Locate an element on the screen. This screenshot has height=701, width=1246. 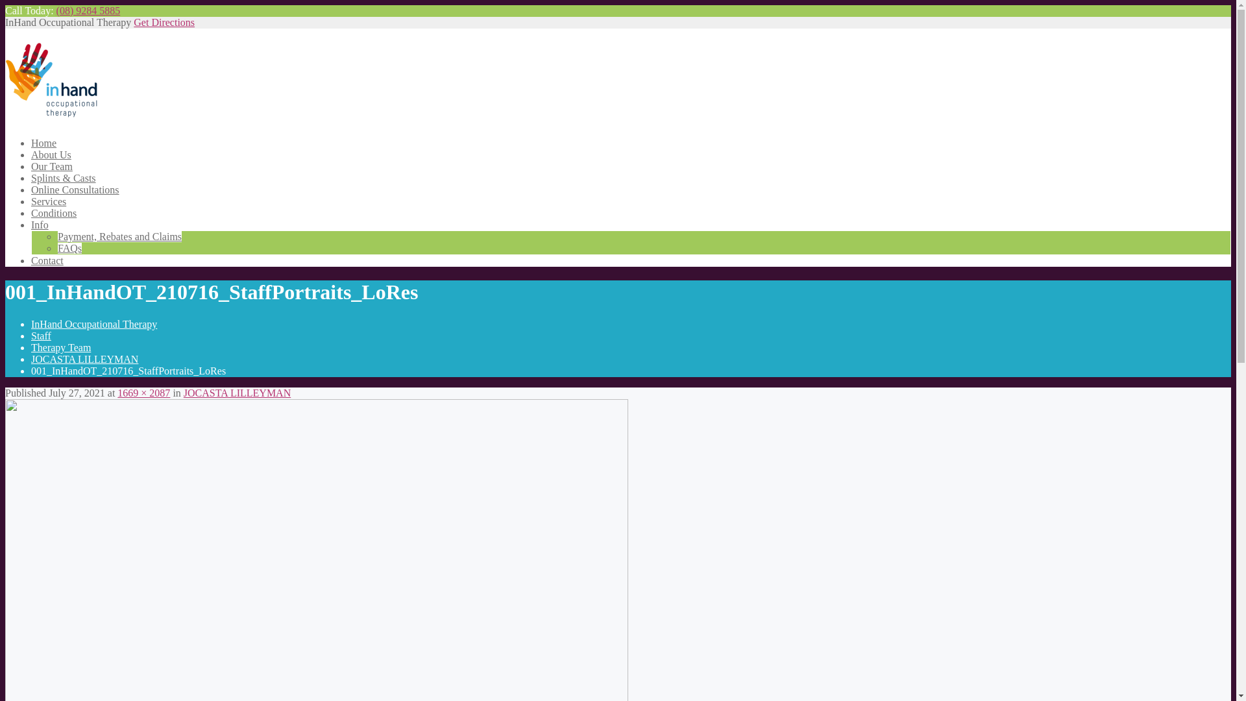
'Info' is located at coordinates (40, 224).